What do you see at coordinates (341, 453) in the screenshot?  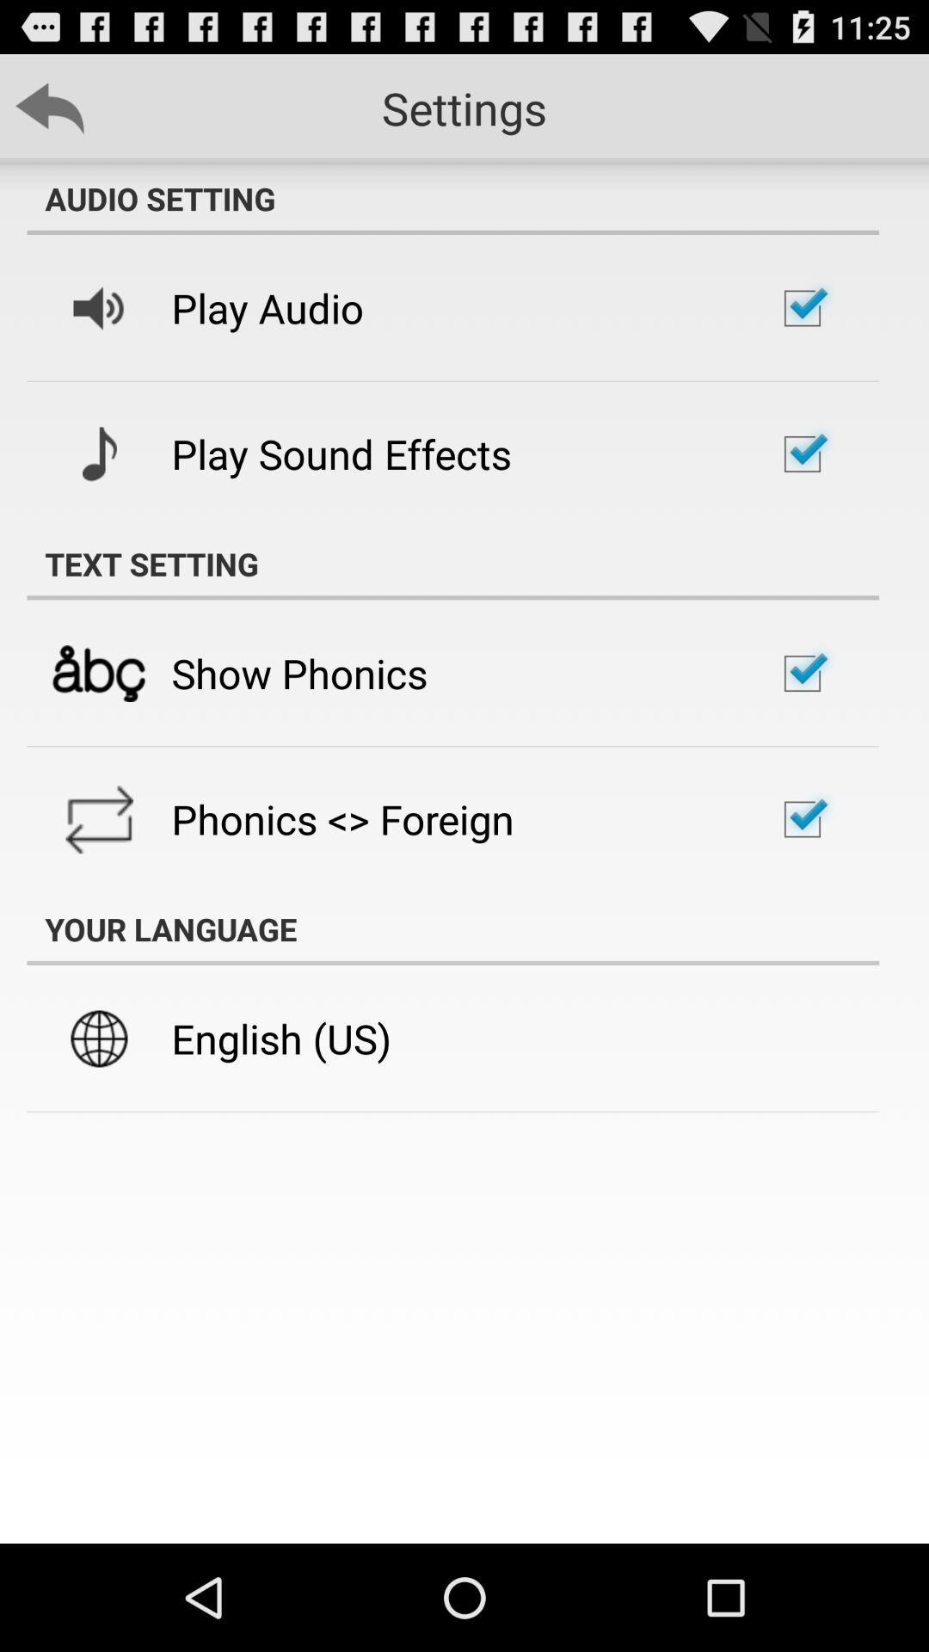 I see `icon below the play audio` at bounding box center [341, 453].